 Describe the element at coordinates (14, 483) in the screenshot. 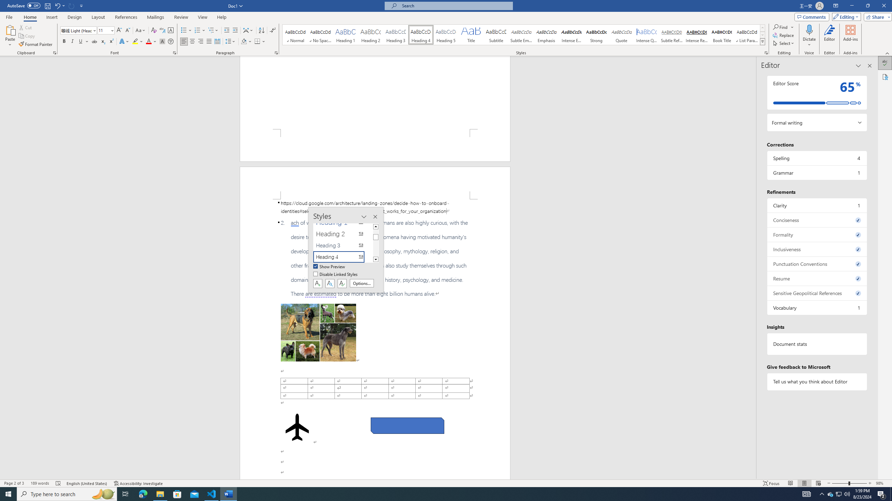

I see `'Page Number Page 2 of 3'` at that location.